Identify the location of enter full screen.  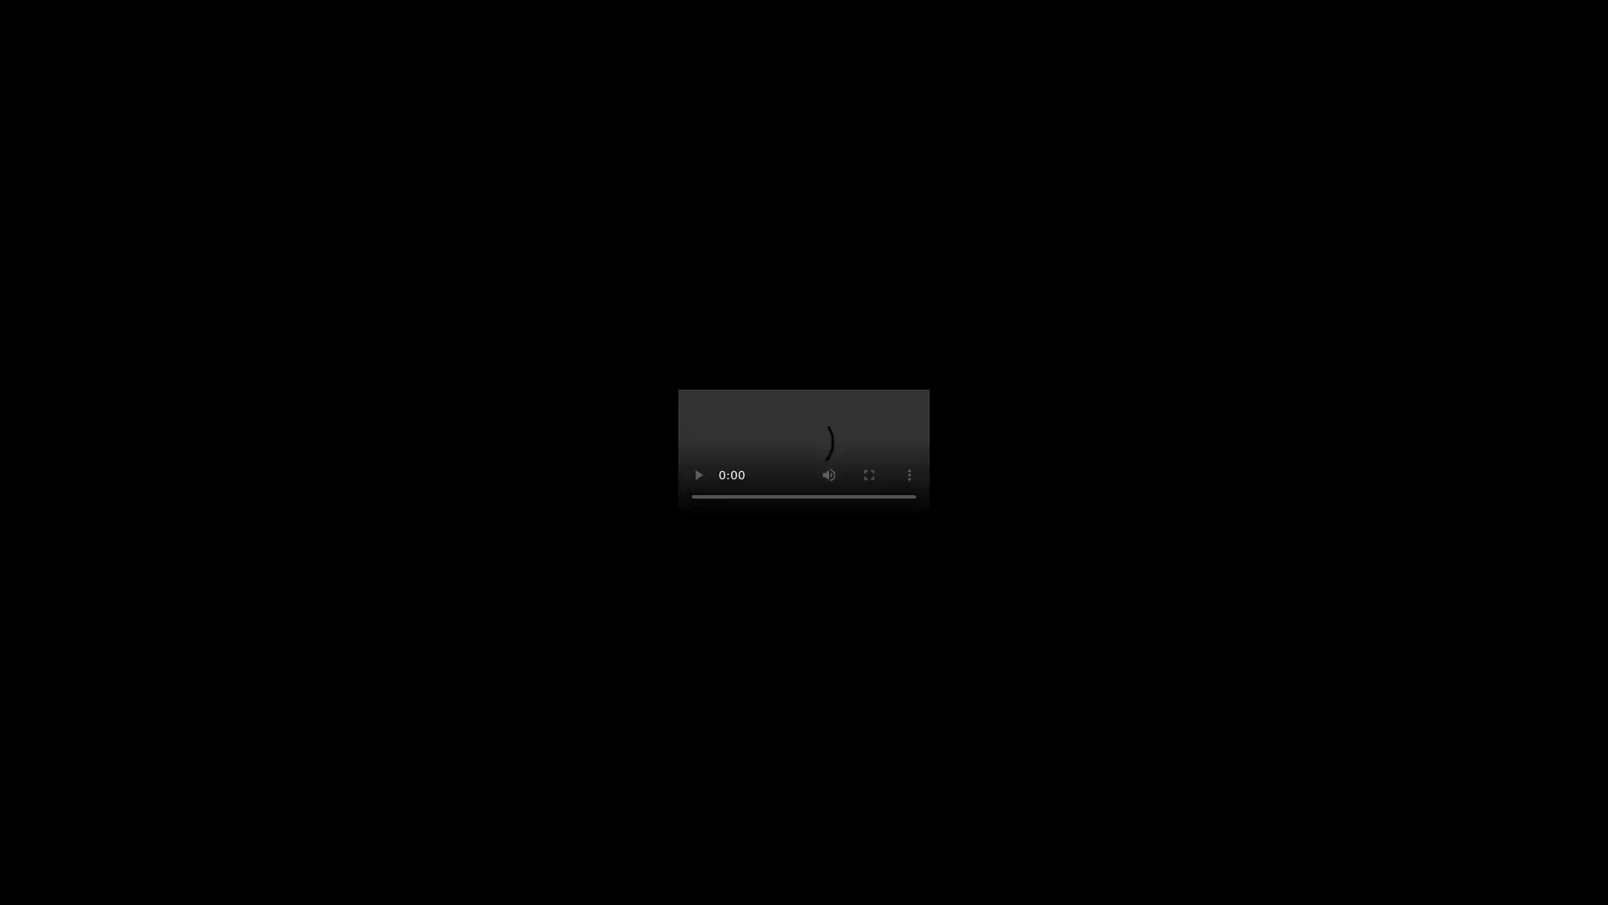
(868, 475).